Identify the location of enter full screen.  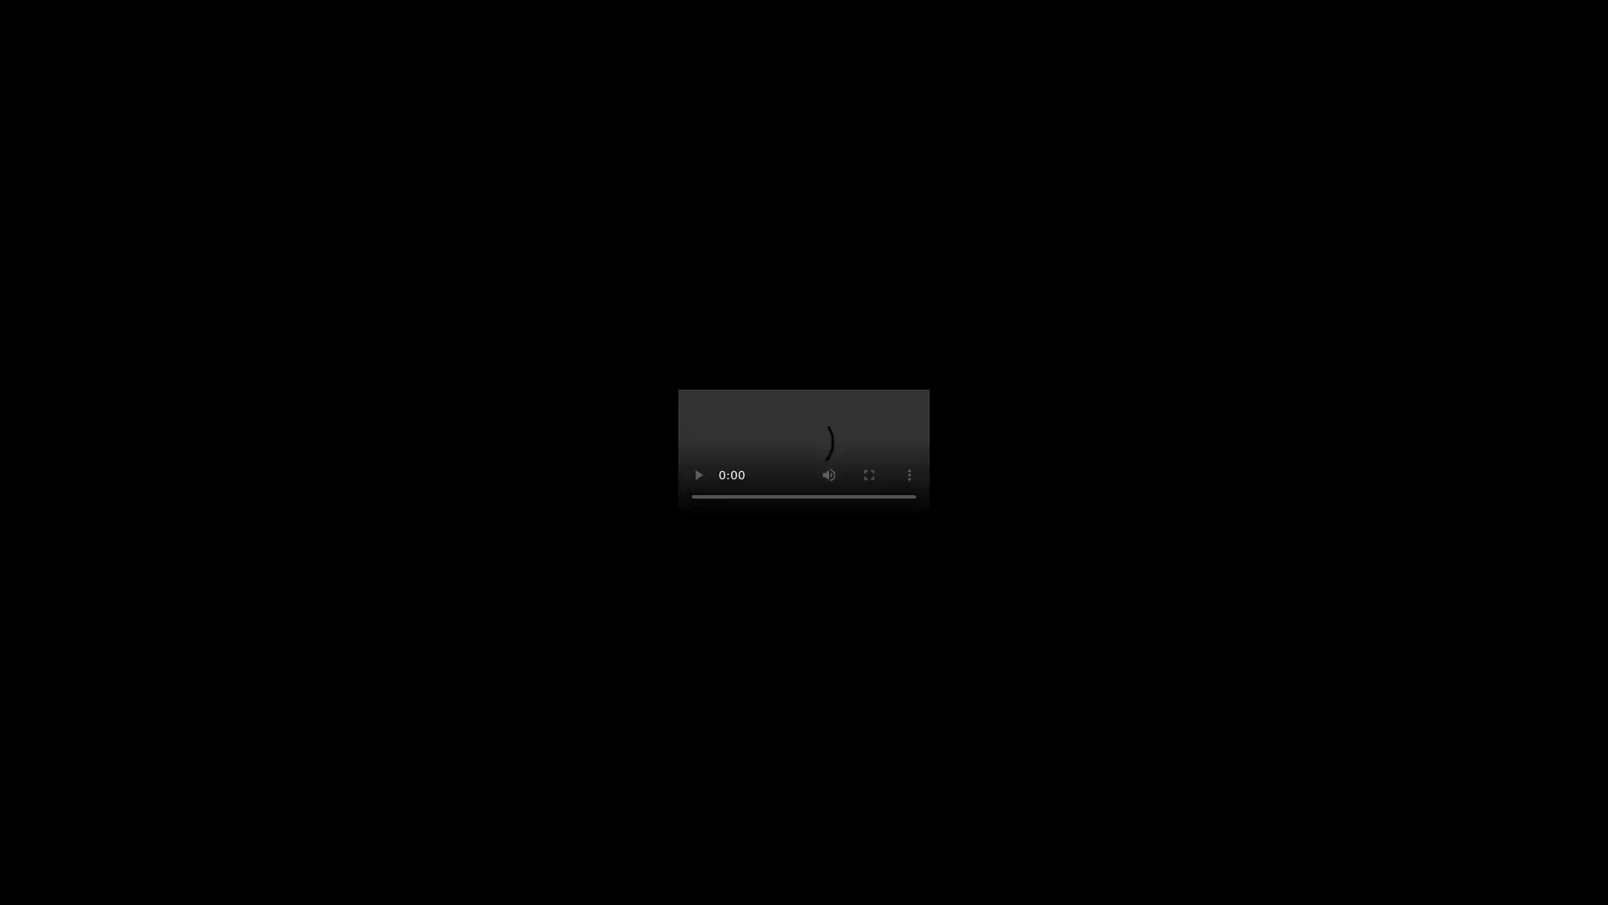
(868, 475).